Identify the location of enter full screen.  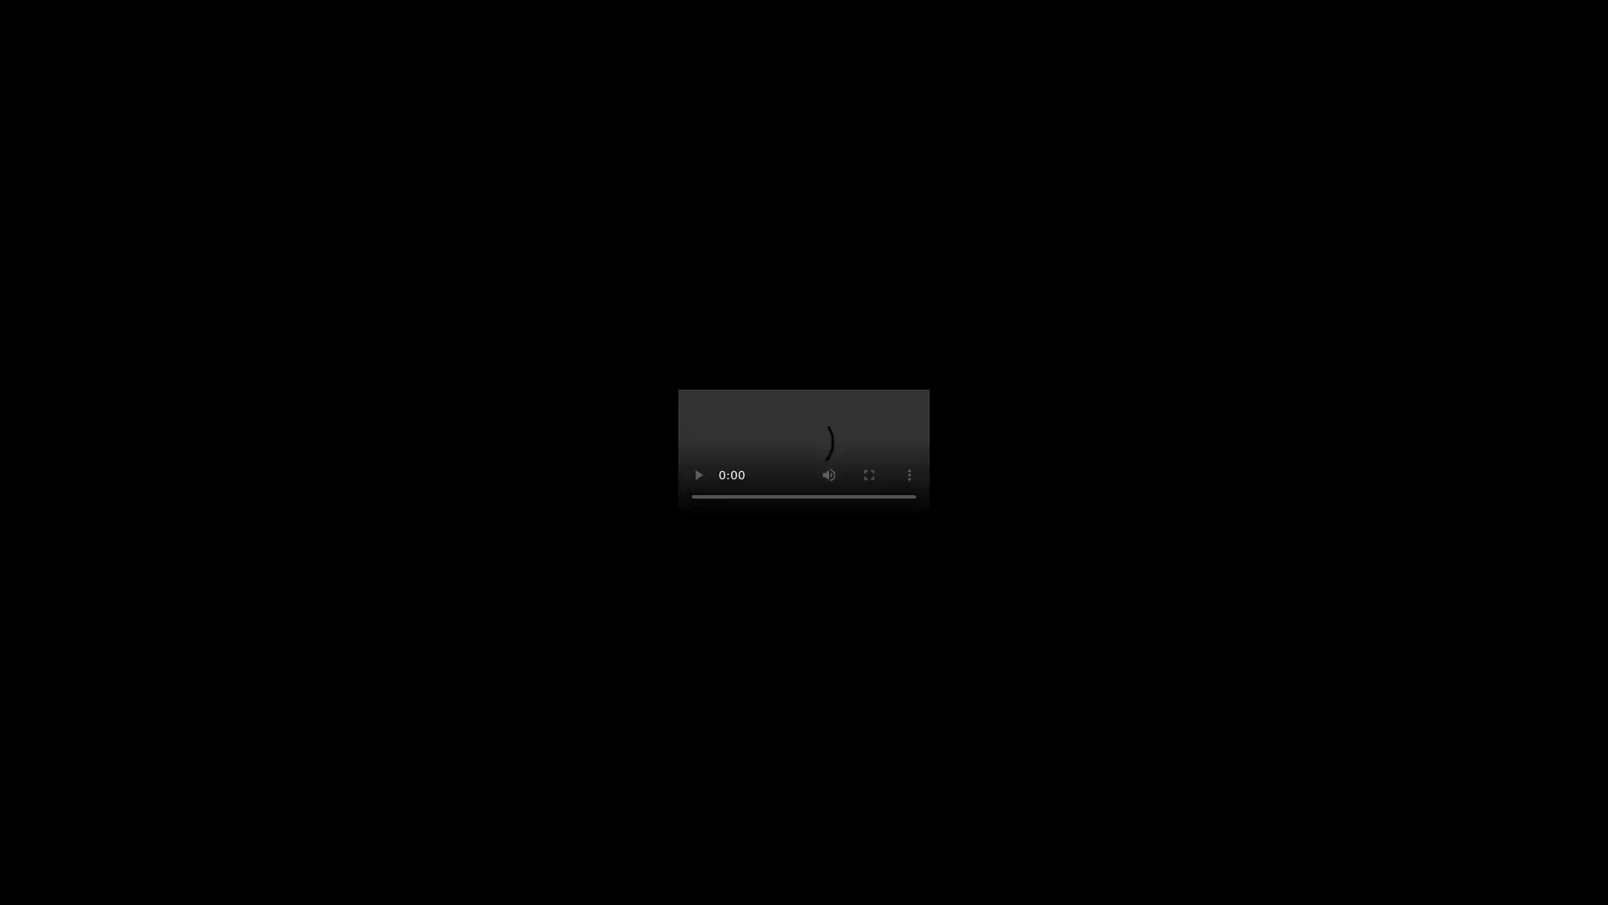
(868, 475).